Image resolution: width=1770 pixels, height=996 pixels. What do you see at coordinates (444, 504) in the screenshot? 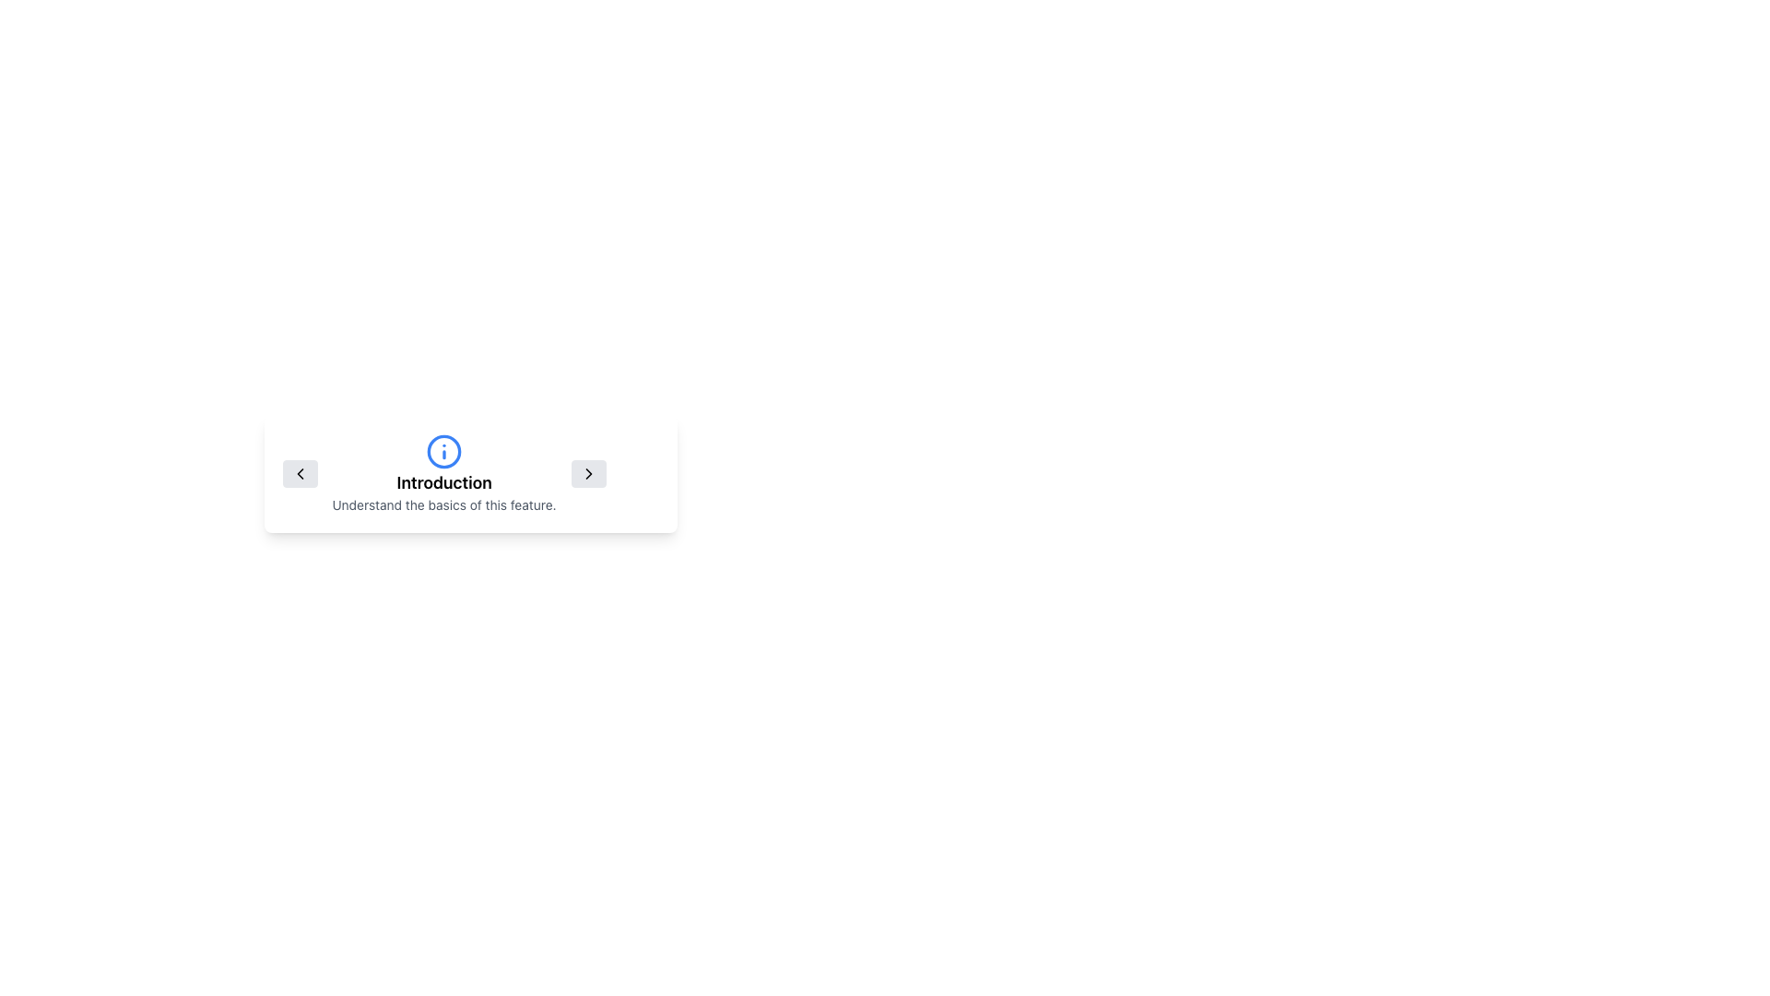
I see `the static text label that reads 'Understand the basics of this feature.', which is located beneath the title 'Introduction' and centered within the informational section` at bounding box center [444, 504].